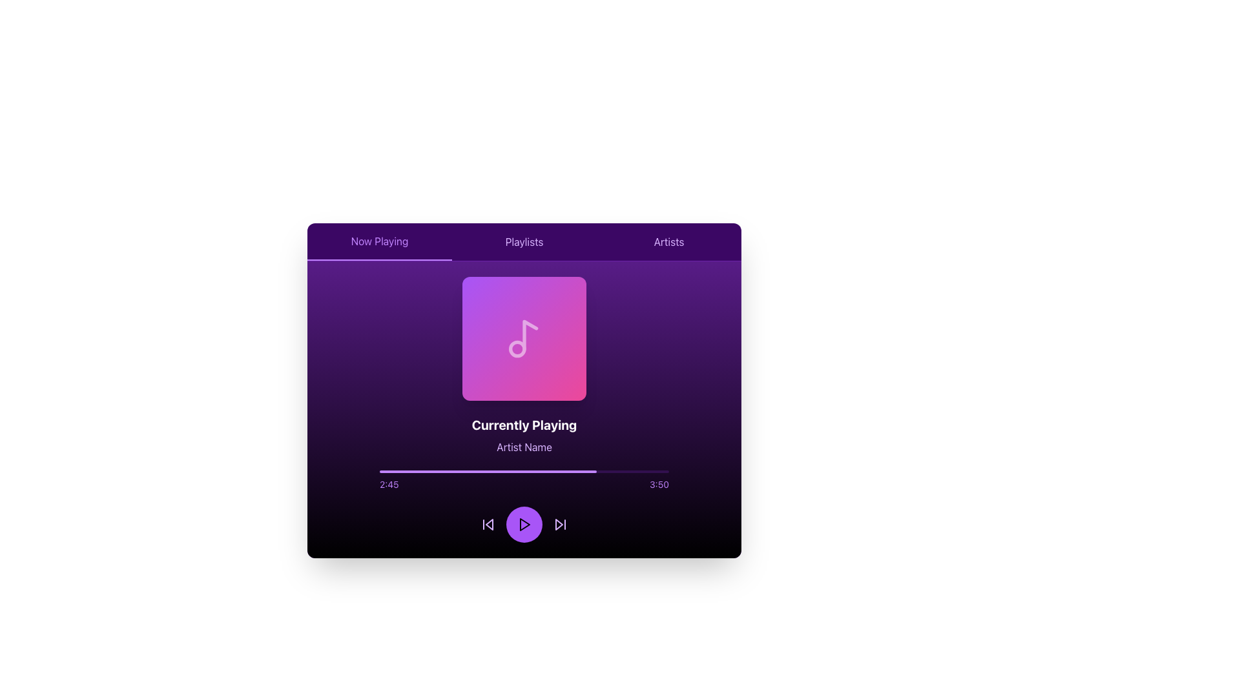  I want to click on the media playback position, so click(498, 472).